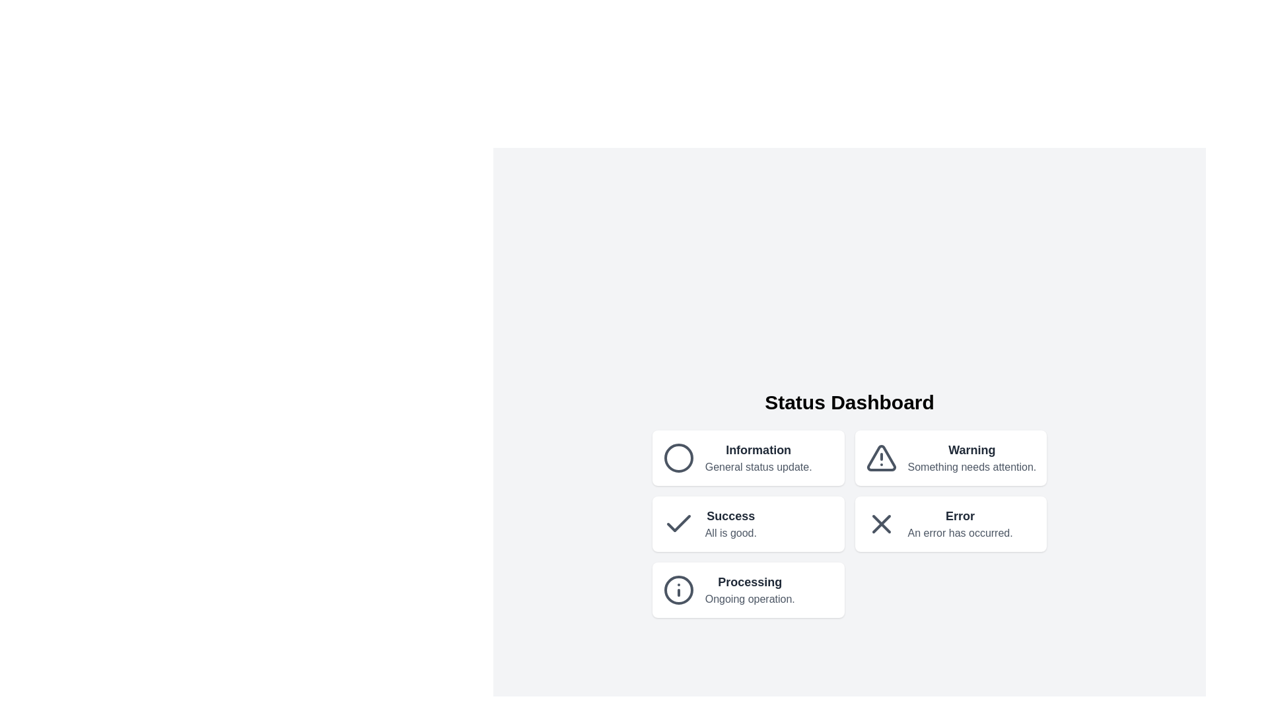  Describe the element at coordinates (849, 401) in the screenshot. I see `the 'Status Dashboard' text label which serves as the section title and is centrally positioned above the grid layout of status items` at that location.